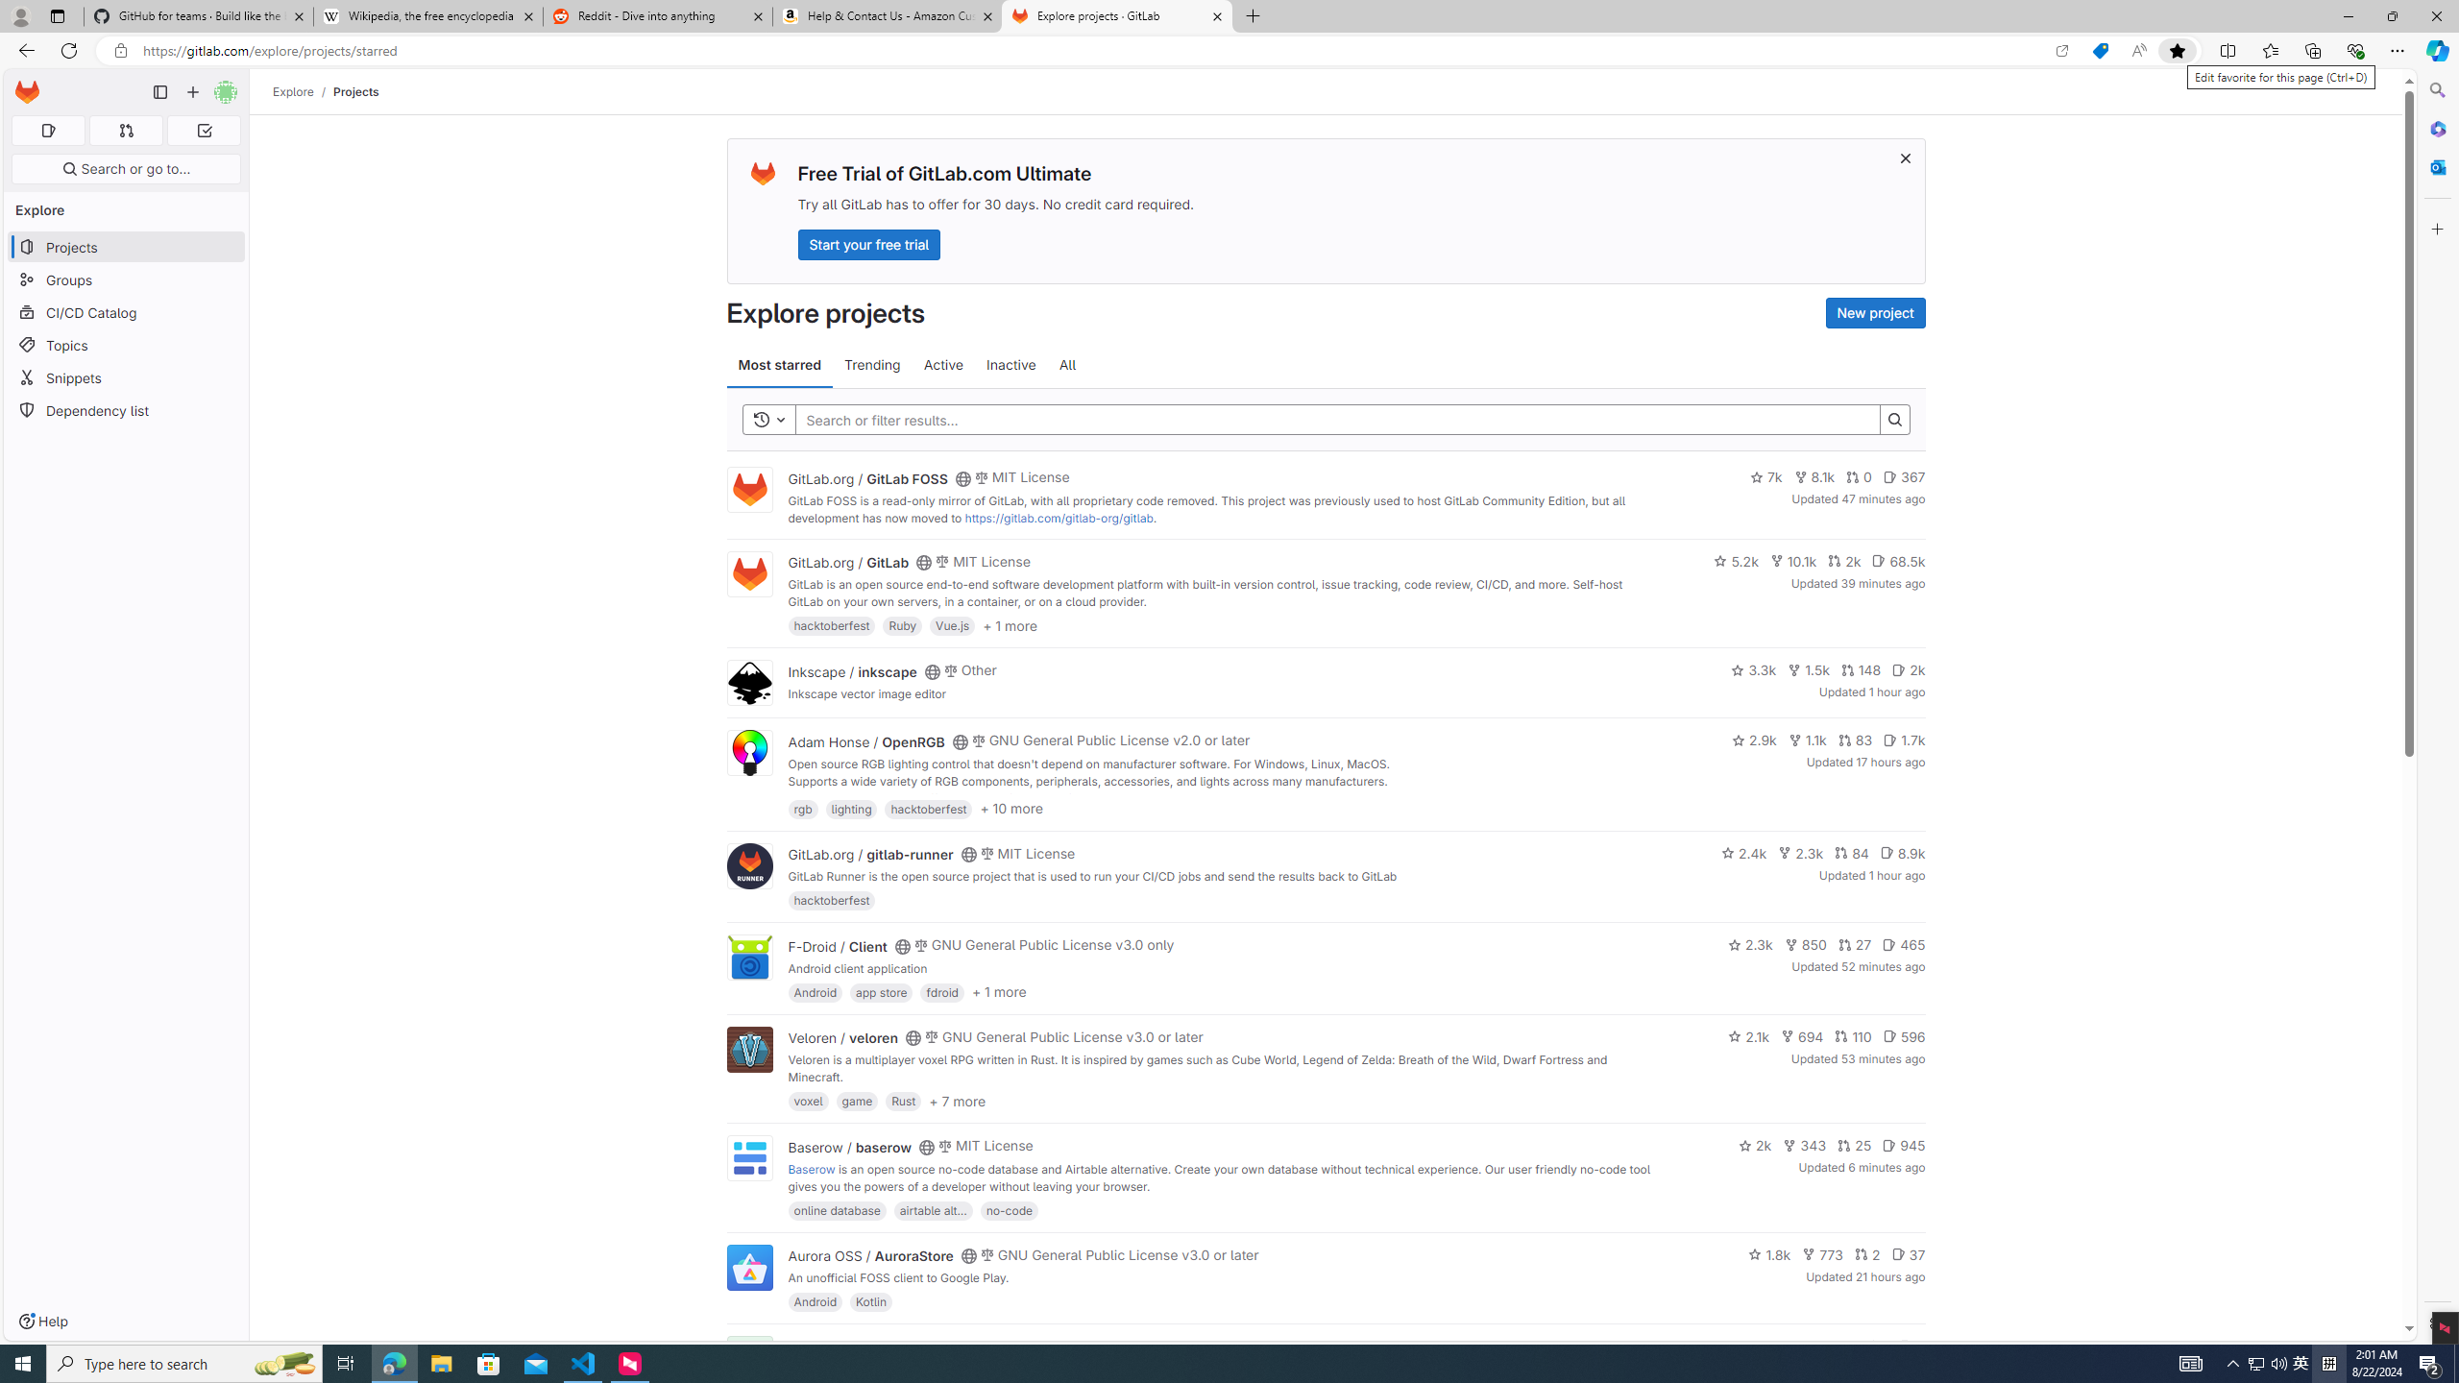  What do you see at coordinates (1010, 364) in the screenshot?
I see `'Inactive'` at bounding box center [1010, 364].